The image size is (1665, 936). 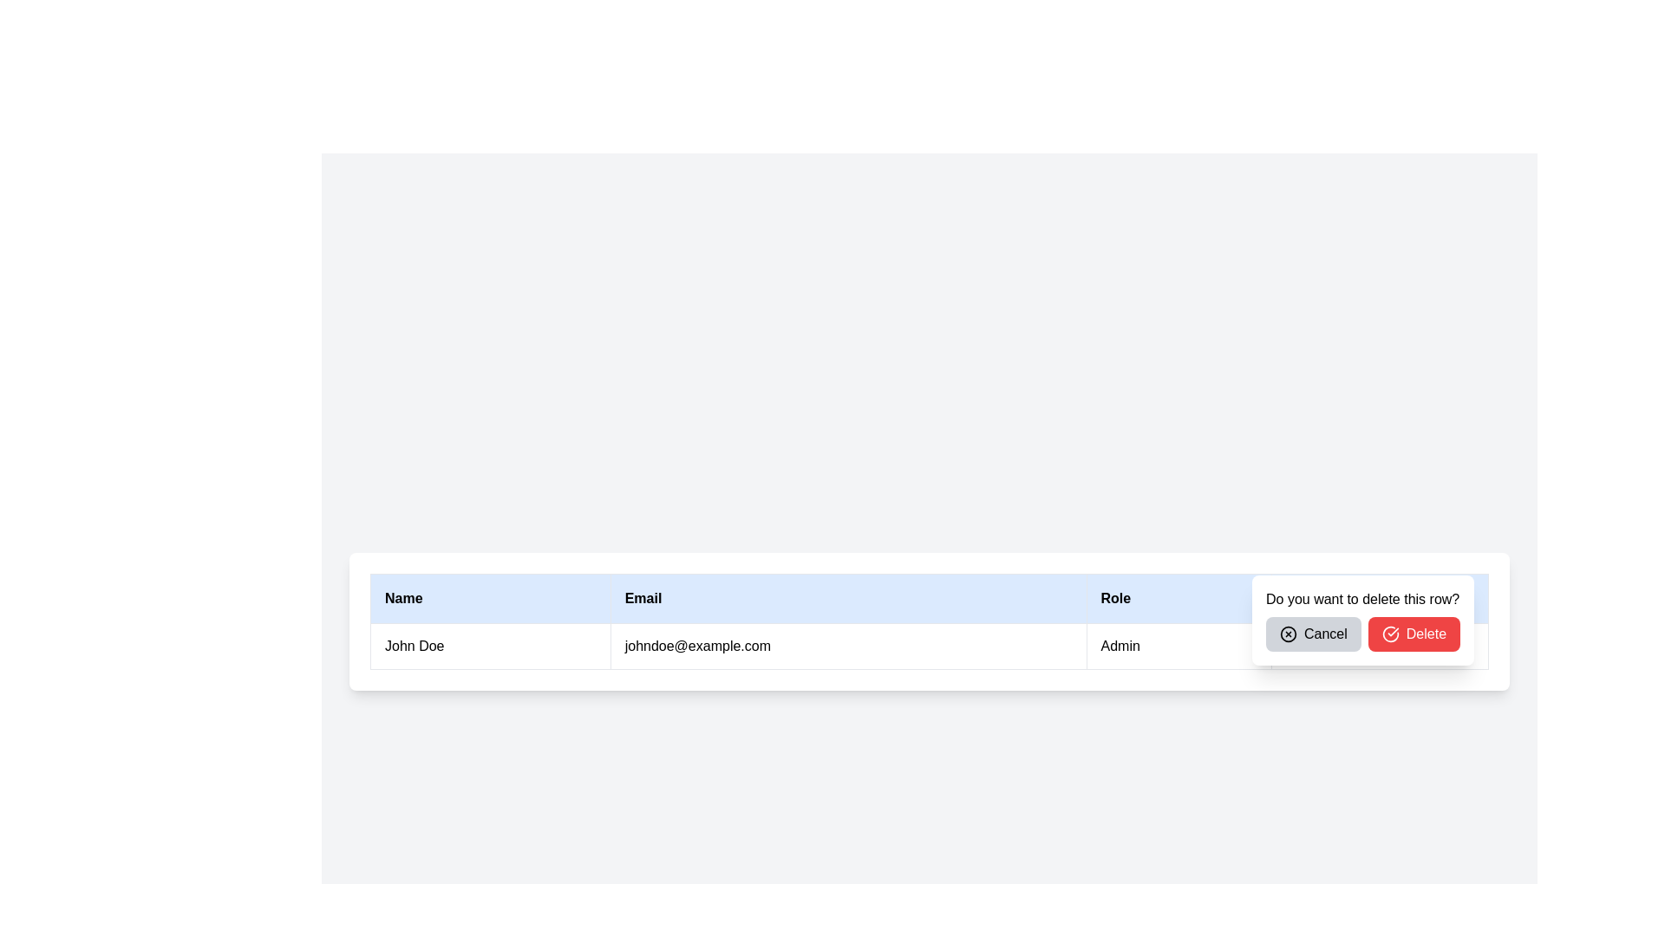 I want to click on the circular icon with a checkmark inside, so click(x=1390, y=634).